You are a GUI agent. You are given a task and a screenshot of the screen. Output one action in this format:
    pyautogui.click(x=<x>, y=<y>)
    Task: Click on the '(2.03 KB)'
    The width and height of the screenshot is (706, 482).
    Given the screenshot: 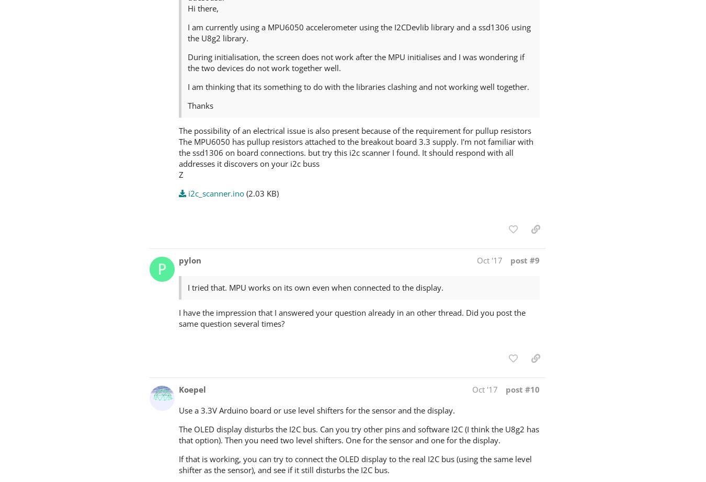 What is the action you would take?
    pyautogui.click(x=261, y=192)
    